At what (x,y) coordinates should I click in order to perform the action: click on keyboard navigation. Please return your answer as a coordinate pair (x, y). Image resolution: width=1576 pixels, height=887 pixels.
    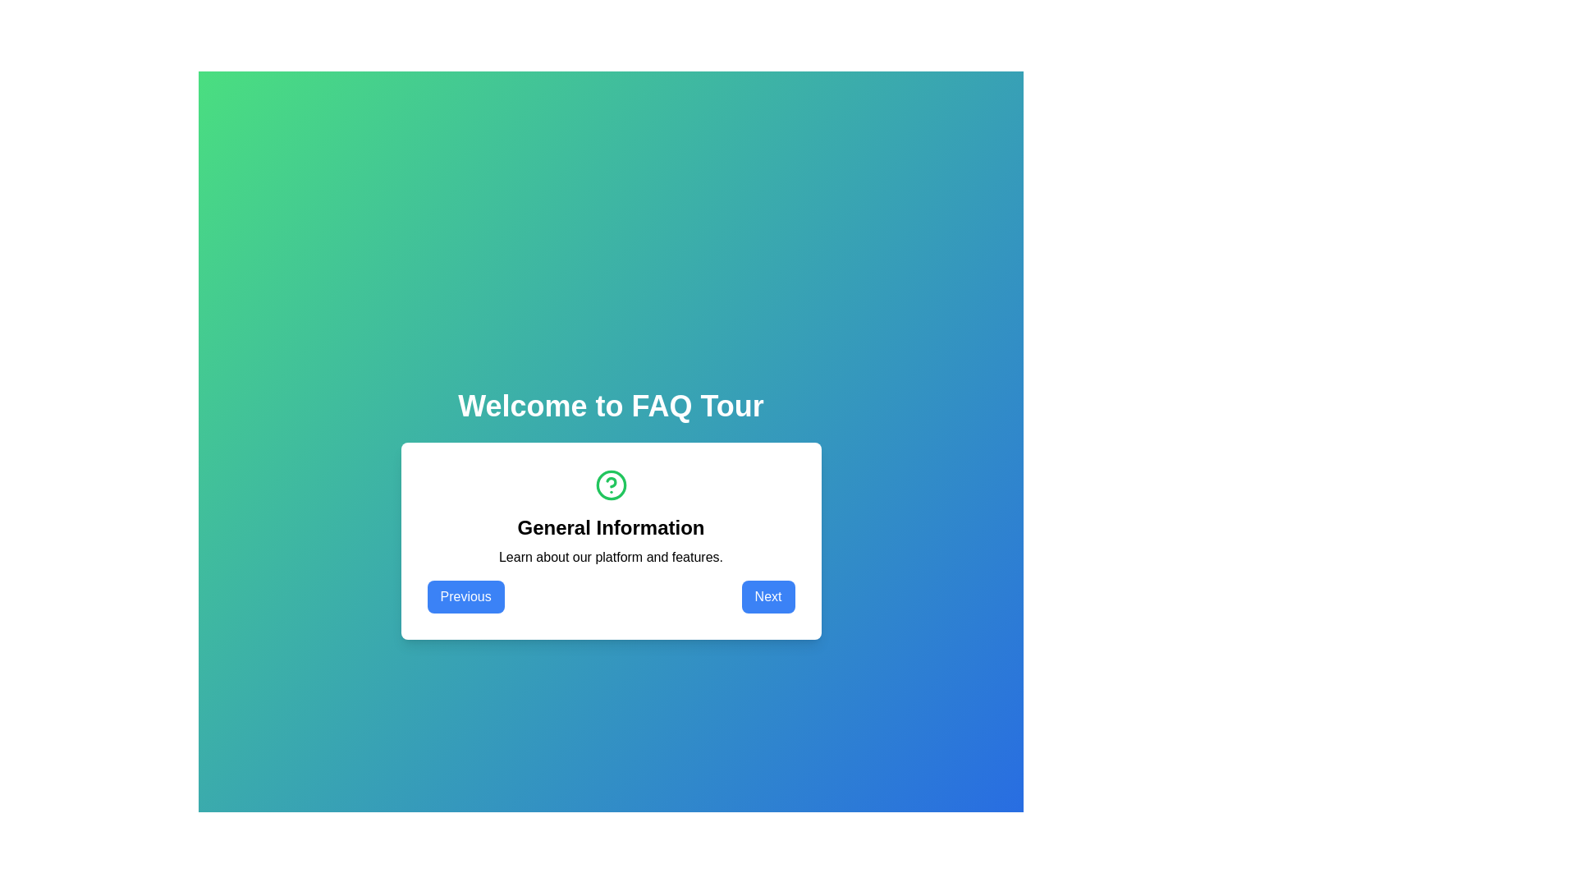
    Looking at the image, I should click on (610, 596).